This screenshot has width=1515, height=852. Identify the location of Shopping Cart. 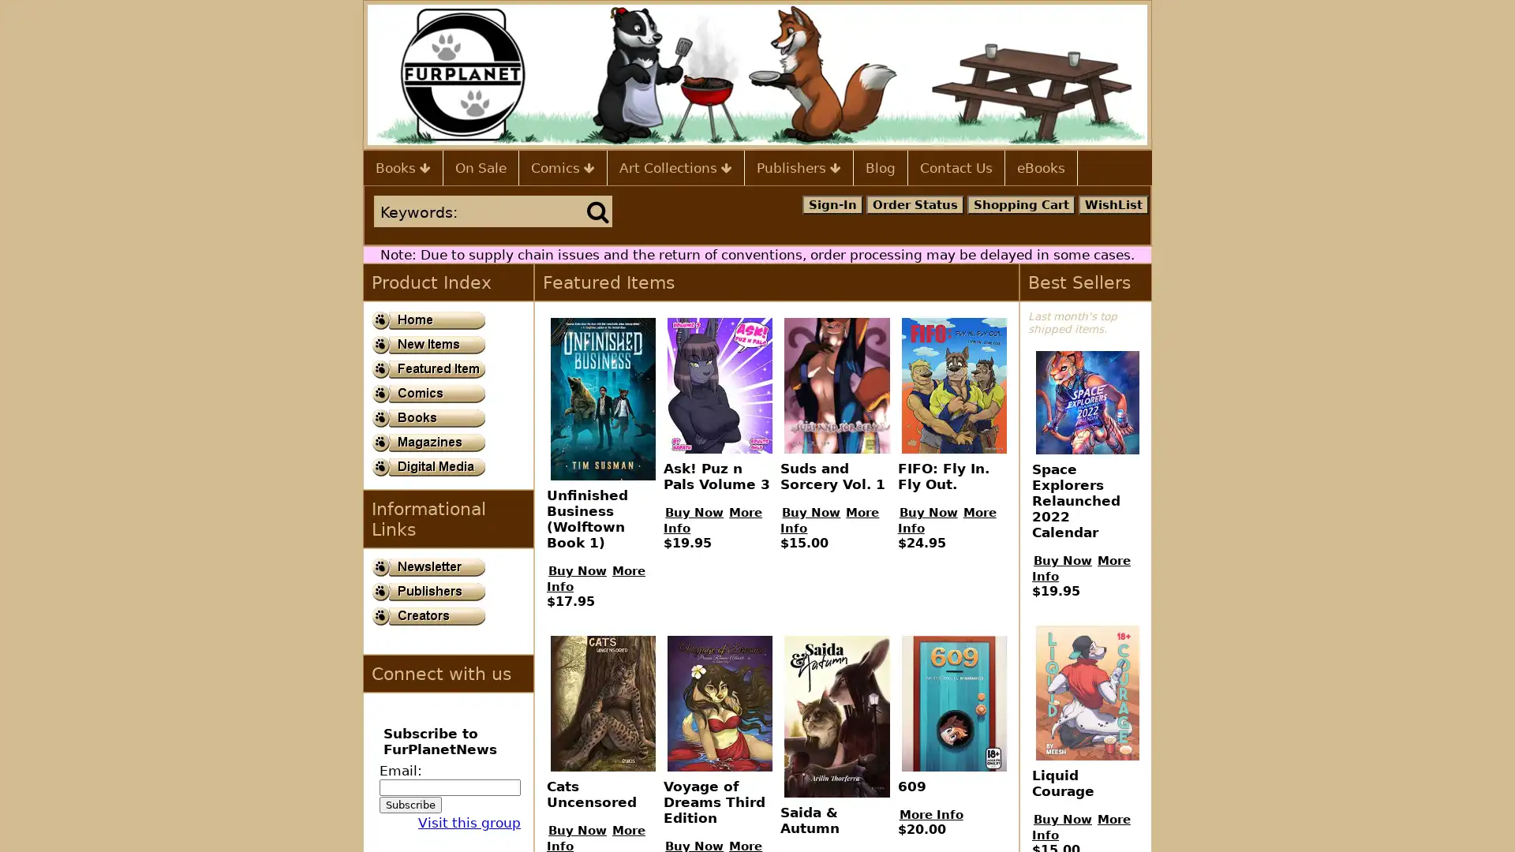
(1021, 203).